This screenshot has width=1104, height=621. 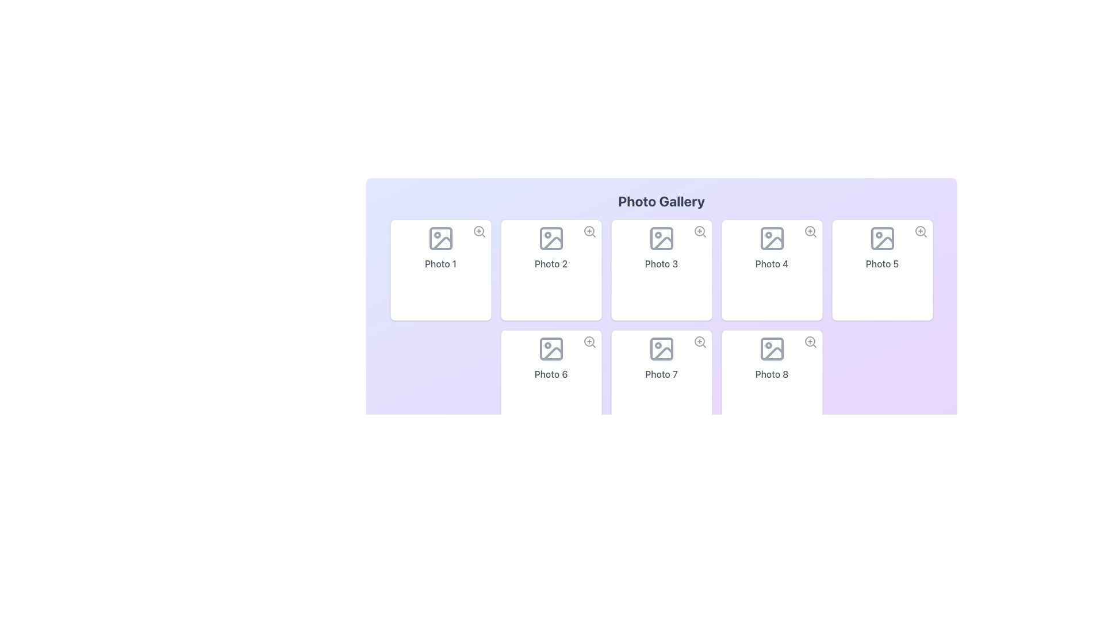 What do you see at coordinates (881, 238) in the screenshot?
I see `the centered decorative icon in the fifth photo card labeled 'Photo 5'` at bounding box center [881, 238].